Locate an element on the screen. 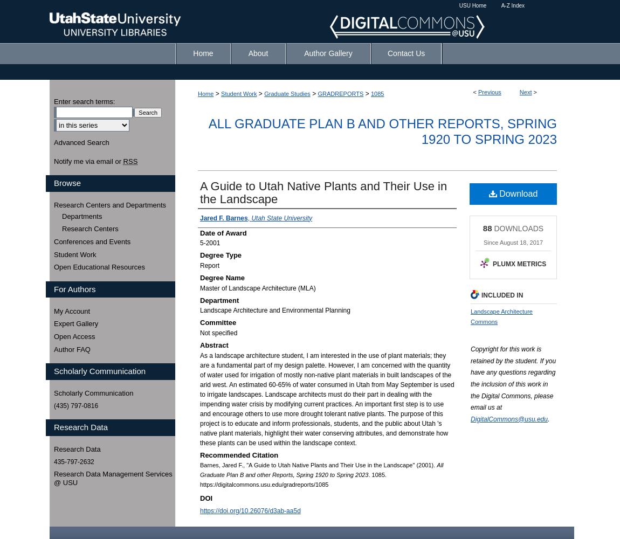 The image size is (620, 539). 'As a landscape architecture student, I am interested in the use of plant materials; they are a fundamental part of my design palette. However, I am concerned with the quantity of water used for irrigation of mostly non-native plant materials in built landscapes of the arid west. An estimated 60-65% of water consumed in Utah from May September is used to irrigate landscapes. Landscape architects must do their part in dealing with the impending water crisis by modifying current practices. An important first step is to use and encourage others to use more drought tolerant native plants. The purpose of this project is to educate and inform professionals, students, and the public about Utah 's native plant materials, highlight their water conserving attributes, and demonstrate how these plants can be used within the landscape context.' is located at coordinates (199, 398).